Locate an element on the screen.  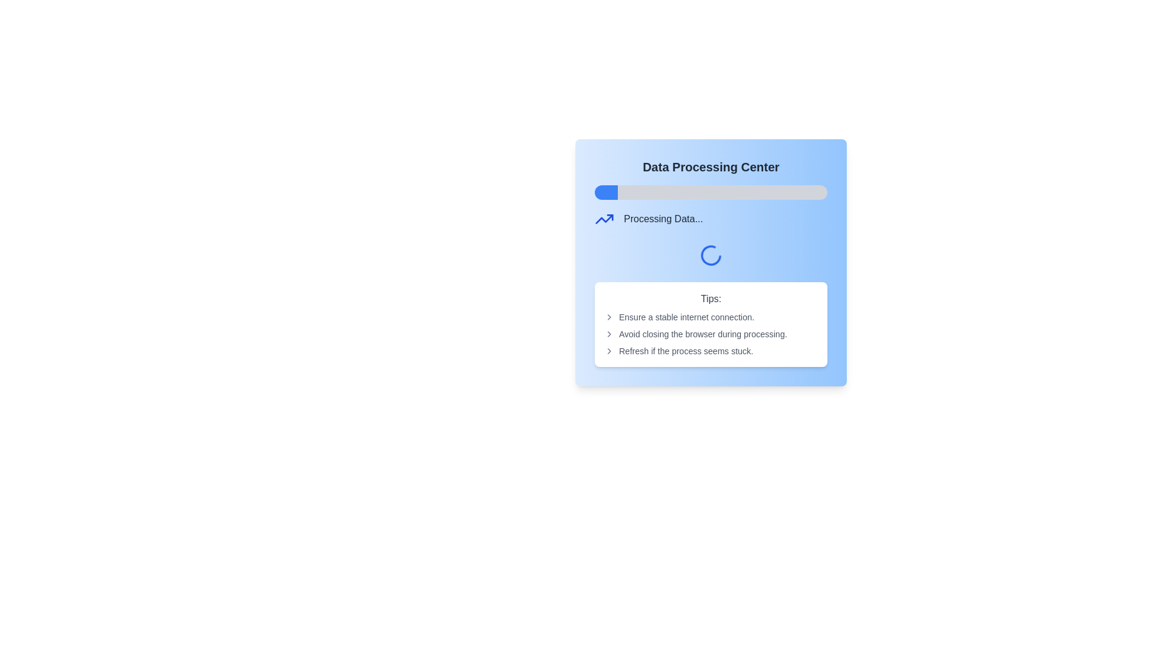
the spinning loader animation located near the center of the animation below the 'Processing Data...' text for visual feedback is located at coordinates (711, 254).